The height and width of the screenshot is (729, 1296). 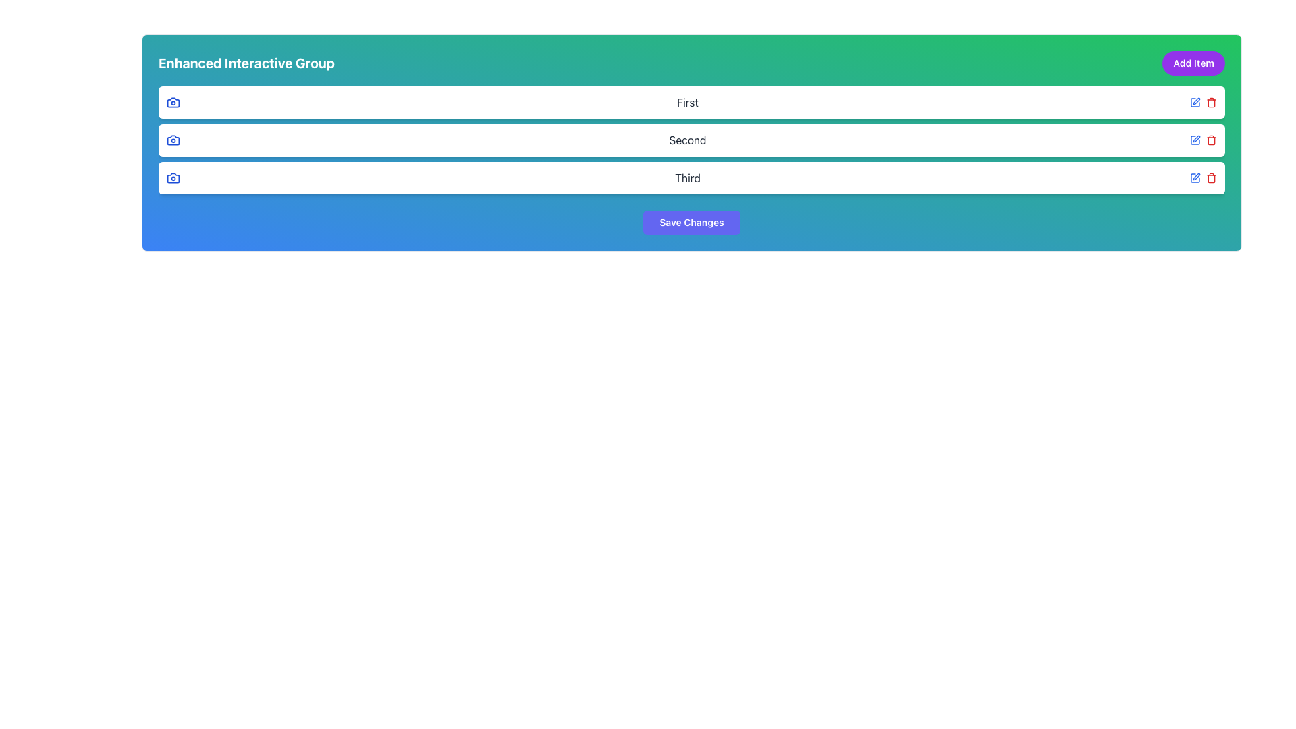 I want to click on the first list item with rounded corners and a white background, labeled 'First', so click(x=692, y=101).